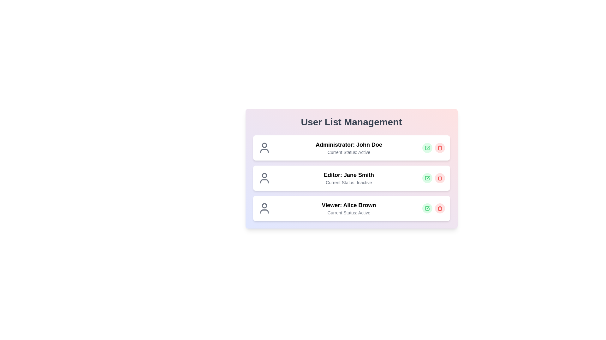 The height and width of the screenshot is (340, 606). Describe the element at coordinates (369, 144) in the screenshot. I see `the text label displaying the name 'John Doe', which is styled in bold black font and positioned next to the designation 'Administrator:' in the user list section` at that location.